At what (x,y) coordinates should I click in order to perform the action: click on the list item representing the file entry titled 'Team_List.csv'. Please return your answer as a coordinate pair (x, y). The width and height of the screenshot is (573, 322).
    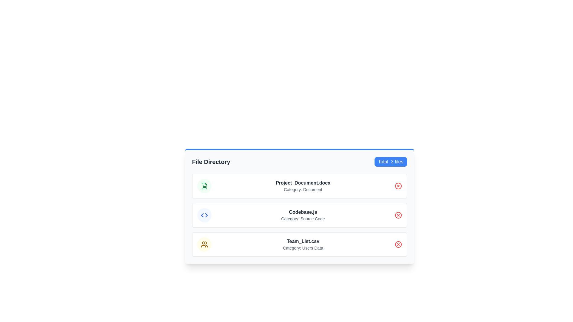
    Looking at the image, I should click on (303, 244).